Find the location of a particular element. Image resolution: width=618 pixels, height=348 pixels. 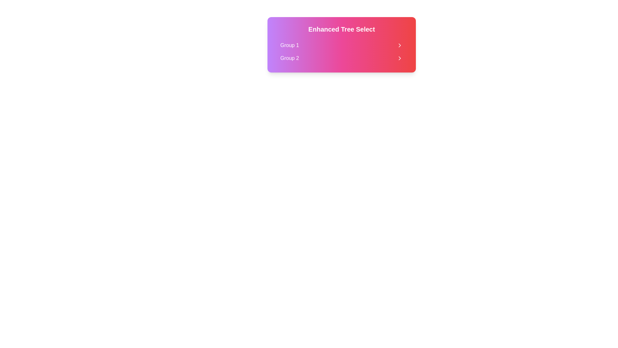

the right-pointing arrow icon associated with 'Group 2' is located at coordinates (399, 58).